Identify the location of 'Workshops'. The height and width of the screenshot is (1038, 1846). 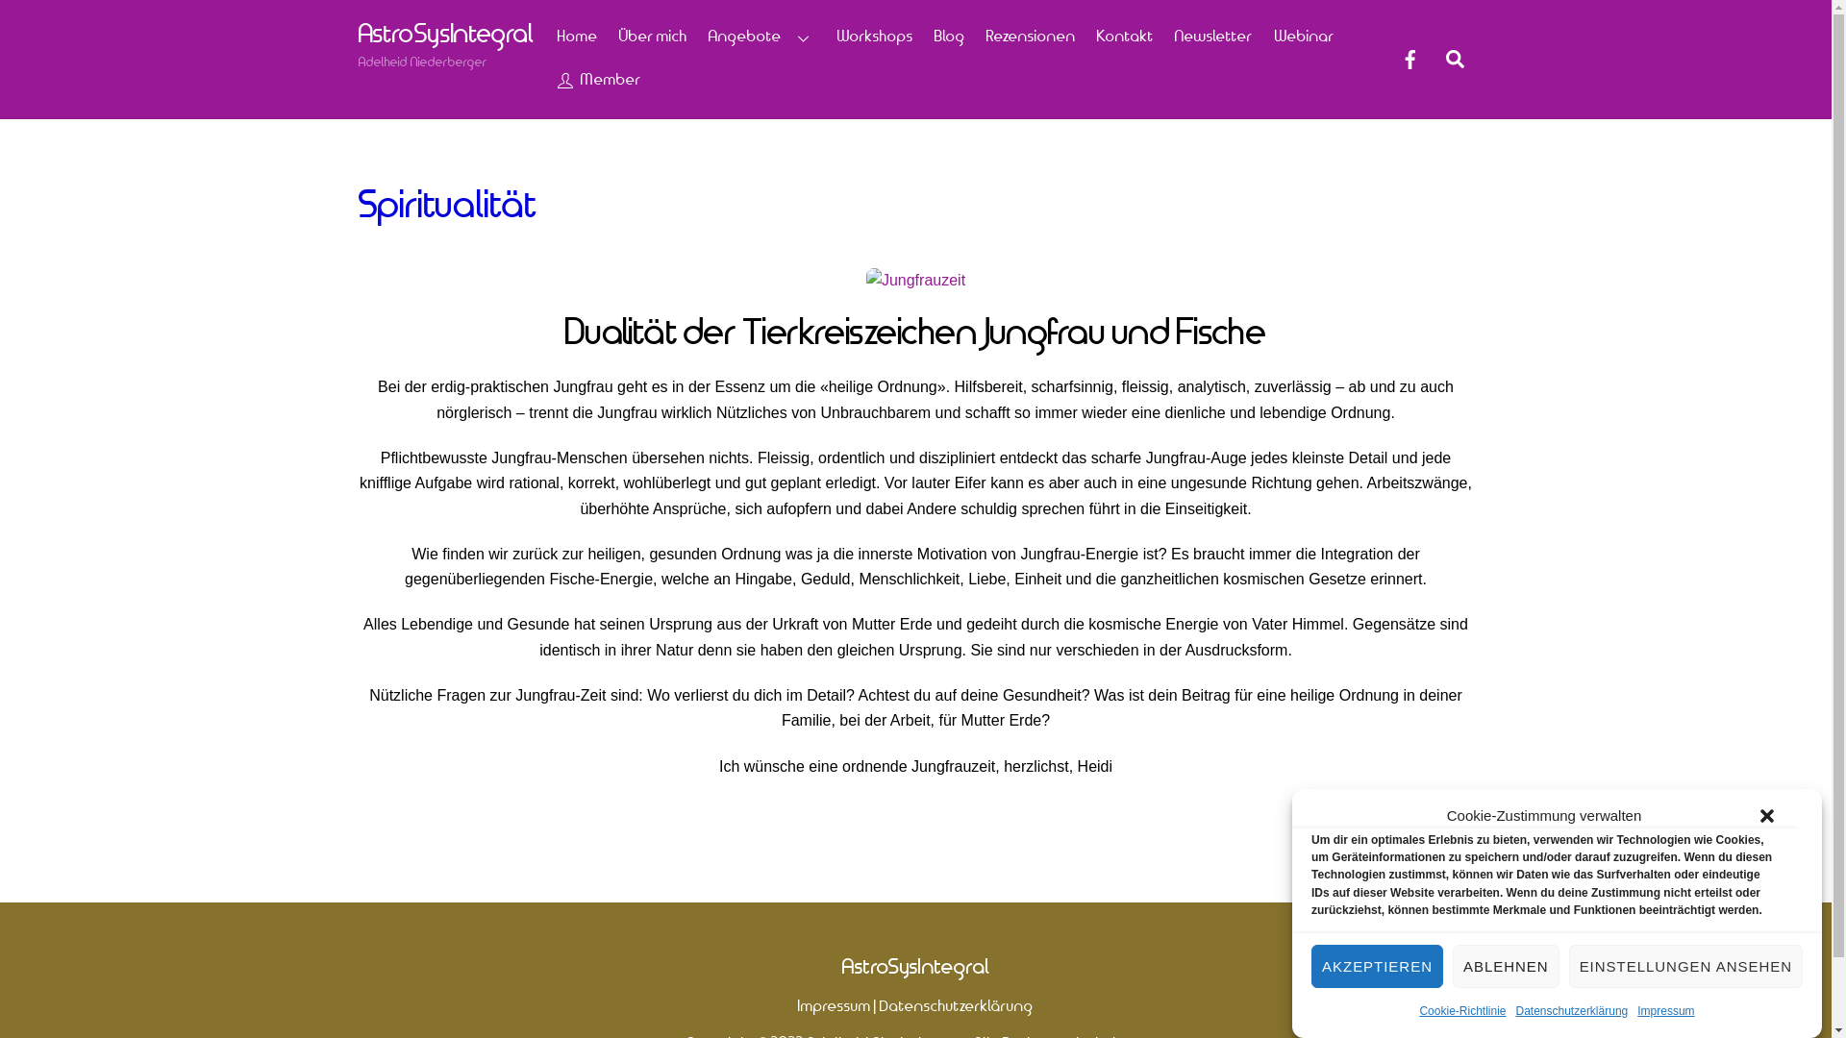
(874, 37).